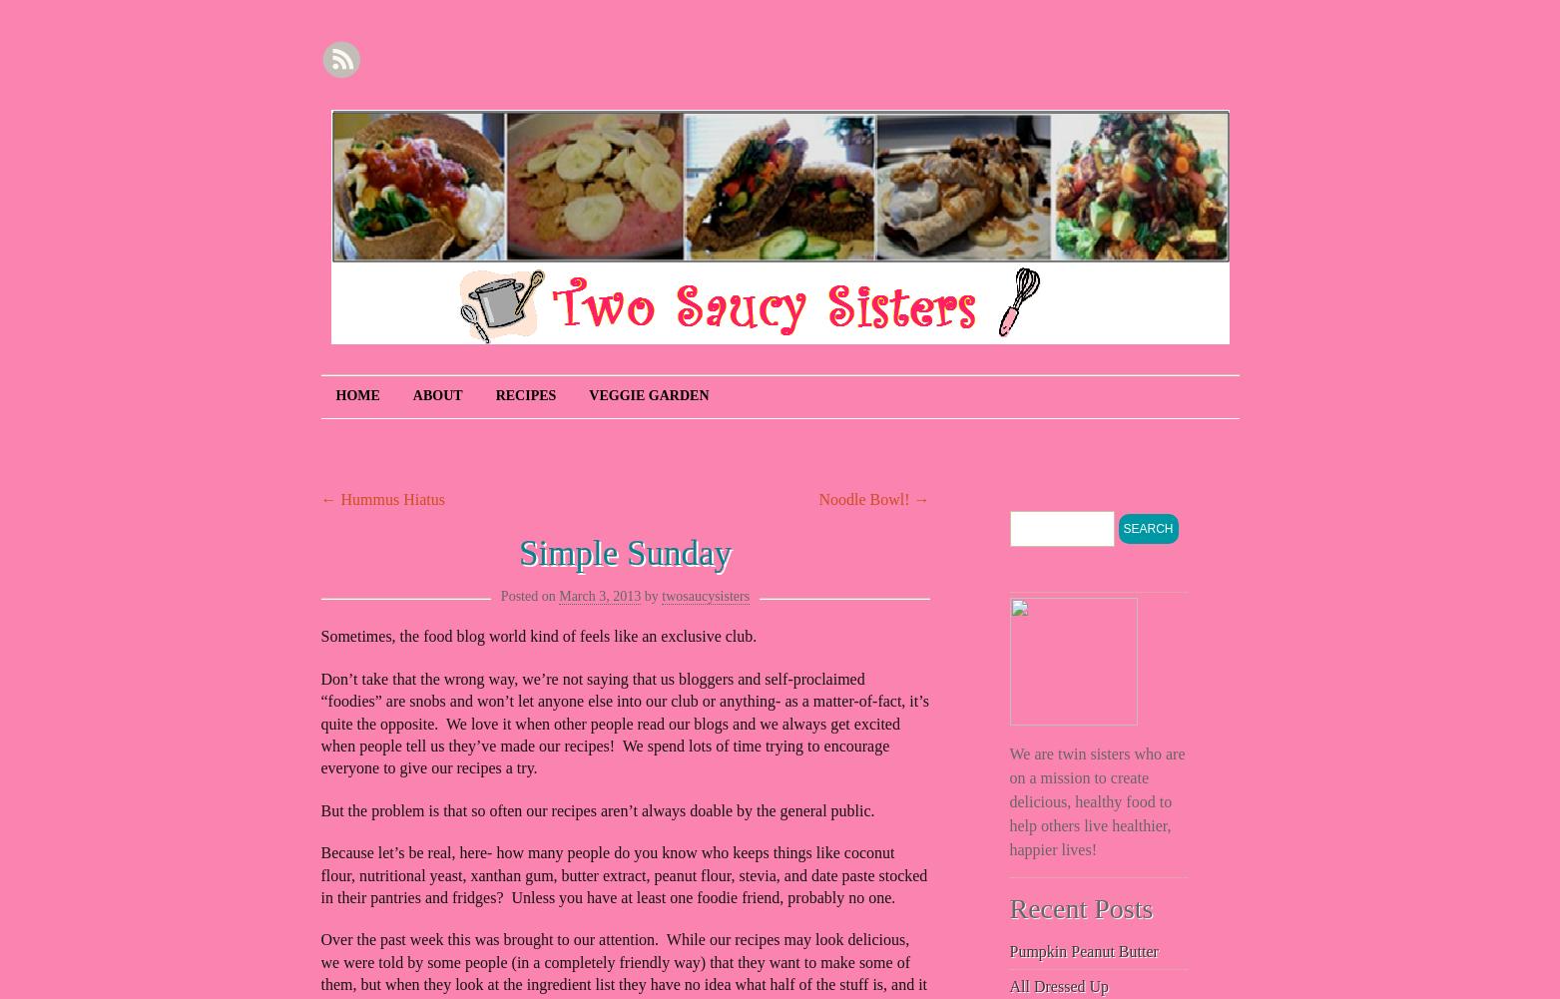  I want to click on 'Recent Posts', so click(1081, 908).